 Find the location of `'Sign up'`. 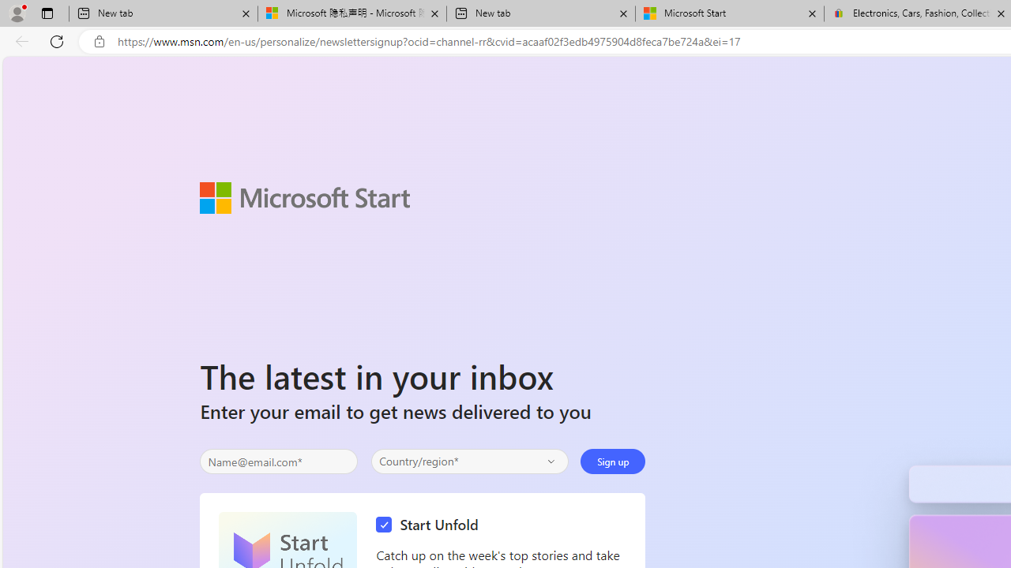

'Sign up' is located at coordinates (612, 461).